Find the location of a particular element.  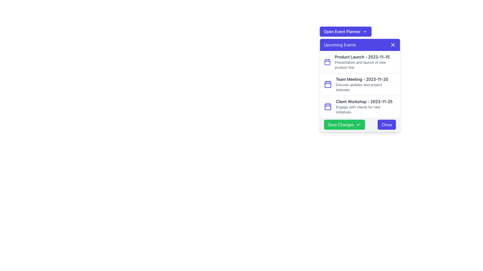

the design of the indigo calendar icon located at the start of the 'Product Launch - 2023-11-15' item in the 'Upcoming Events' list is located at coordinates (327, 61).